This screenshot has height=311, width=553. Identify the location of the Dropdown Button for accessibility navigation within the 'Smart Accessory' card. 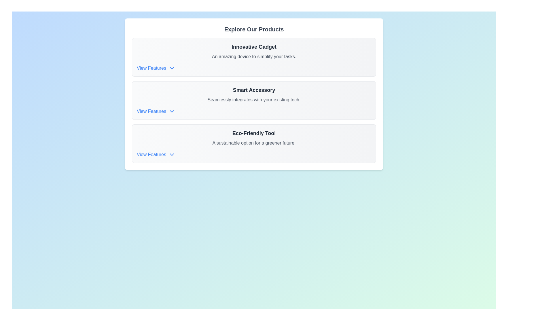
(156, 111).